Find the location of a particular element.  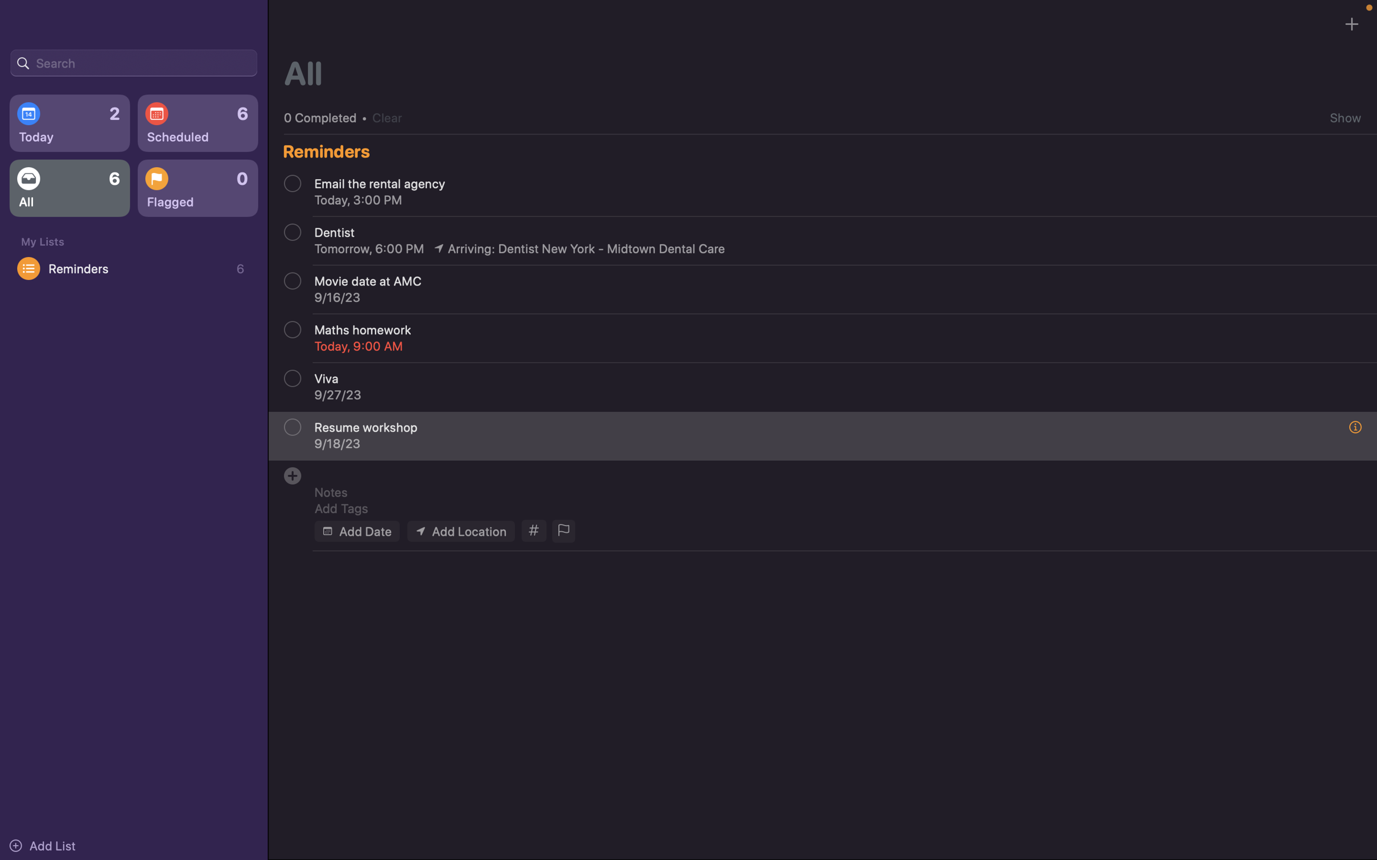

Specify the event location as "Zoom meeting" is located at coordinates (460, 530).